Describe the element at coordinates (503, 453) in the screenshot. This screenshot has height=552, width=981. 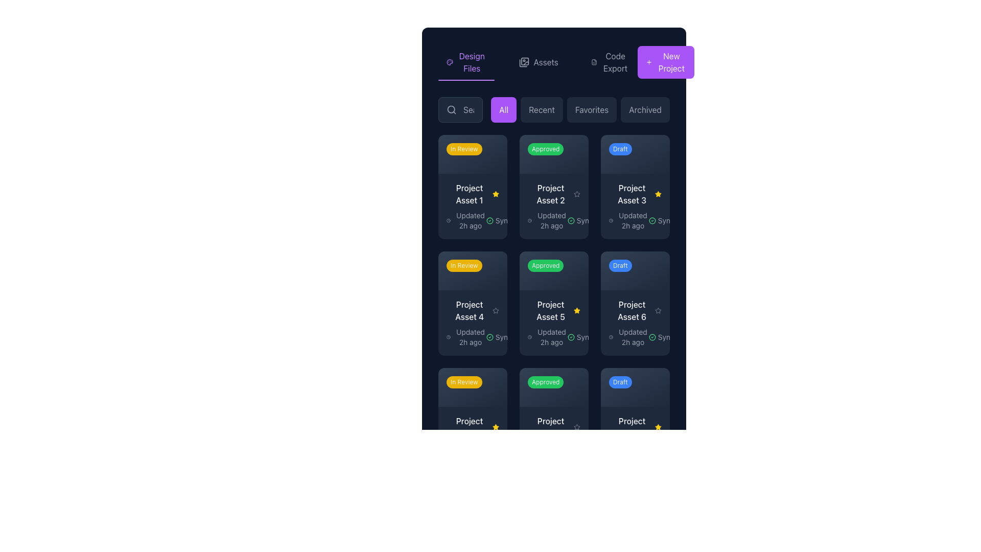
I see `the status of the Indicator with inline text that displays a green circular check icon and the text 'Synced', located at the bottom right corner of the grid card` at that location.